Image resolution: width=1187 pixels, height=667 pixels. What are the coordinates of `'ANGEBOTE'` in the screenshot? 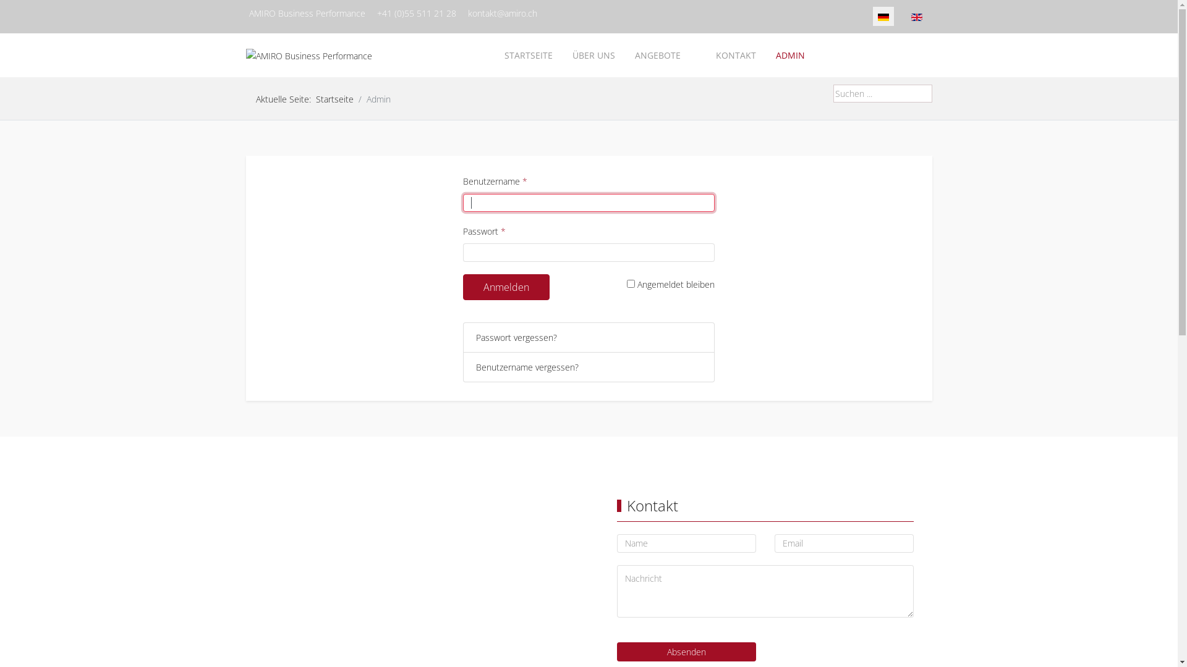 It's located at (664, 54).